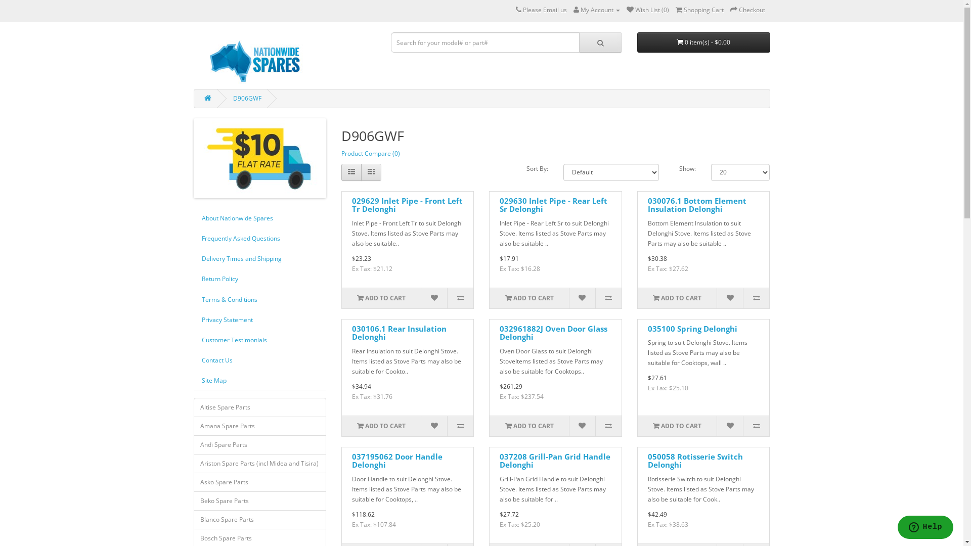 This screenshot has width=971, height=546. I want to click on 'Altise Spare Parts', so click(259, 407).